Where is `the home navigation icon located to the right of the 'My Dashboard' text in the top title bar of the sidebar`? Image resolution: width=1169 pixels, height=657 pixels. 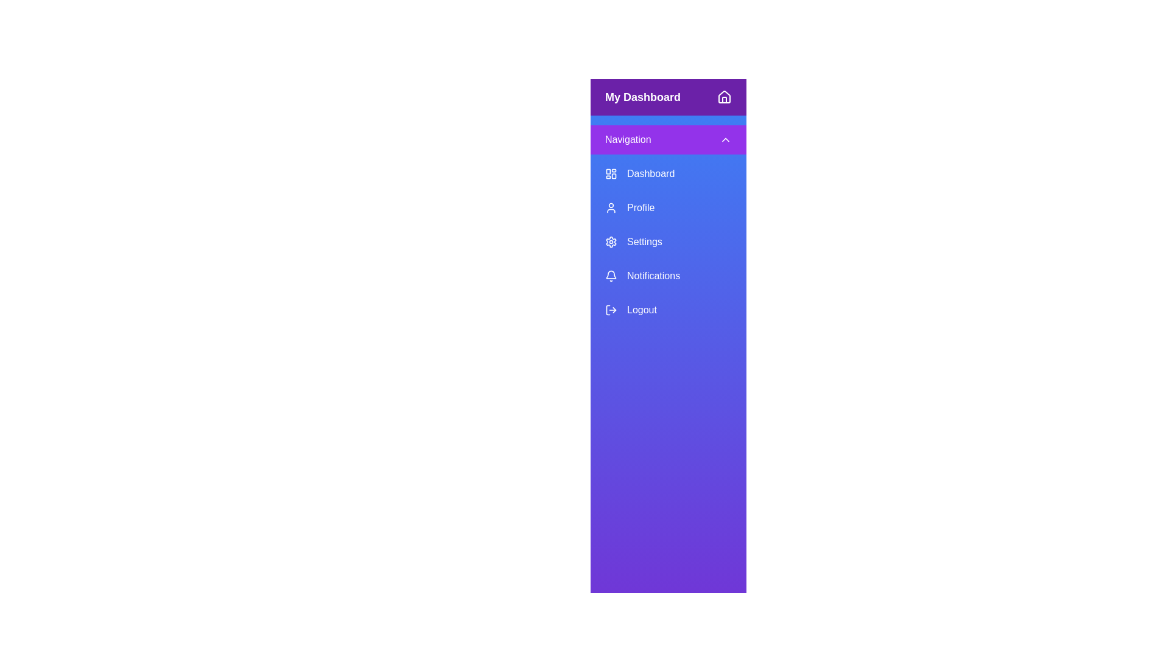 the home navigation icon located to the right of the 'My Dashboard' text in the top title bar of the sidebar is located at coordinates (725, 96).